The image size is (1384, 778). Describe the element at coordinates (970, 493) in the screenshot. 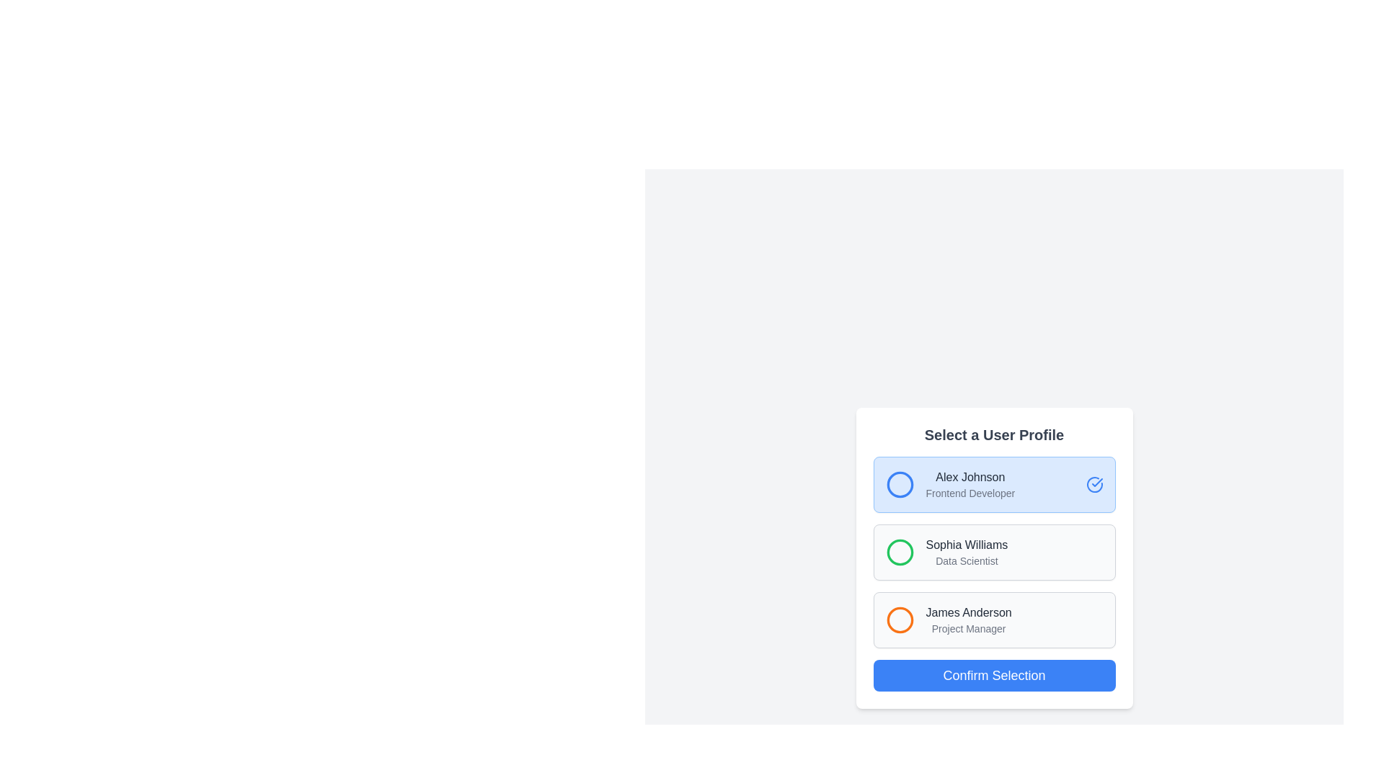

I see `the text label that reads 'Frontend Developer', which is styled in grey and located below the 'Alex Johnson' label within the user profile selection card` at that location.